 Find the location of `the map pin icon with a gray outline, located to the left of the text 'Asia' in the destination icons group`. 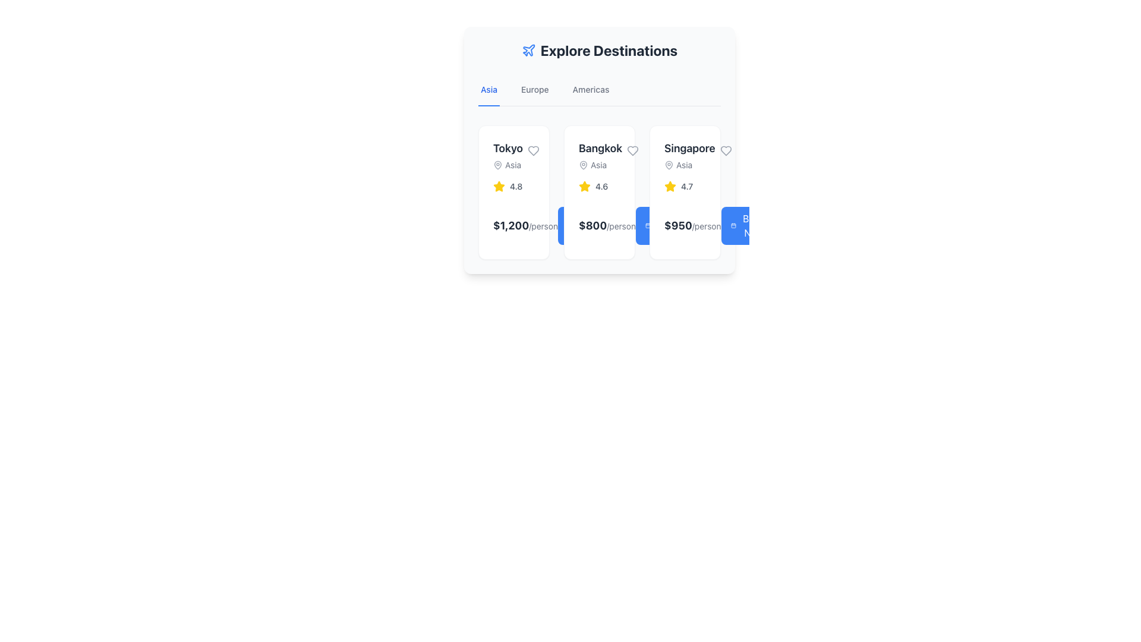

the map pin icon with a gray outline, located to the left of the text 'Asia' in the destination icons group is located at coordinates (669, 165).